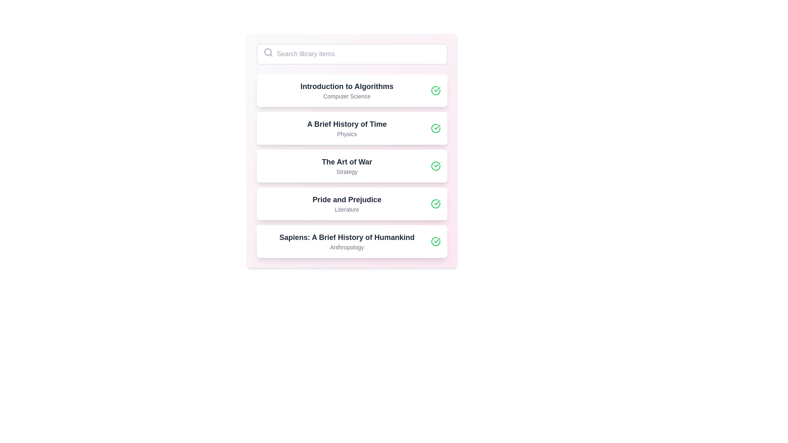 This screenshot has width=788, height=443. What do you see at coordinates (347, 241) in the screenshot?
I see `text from the fifth entry in the list of library items, which is represented as a Text label with a title and subtitle format located at the bottommost position of the list` at bounding box center [347, 241].